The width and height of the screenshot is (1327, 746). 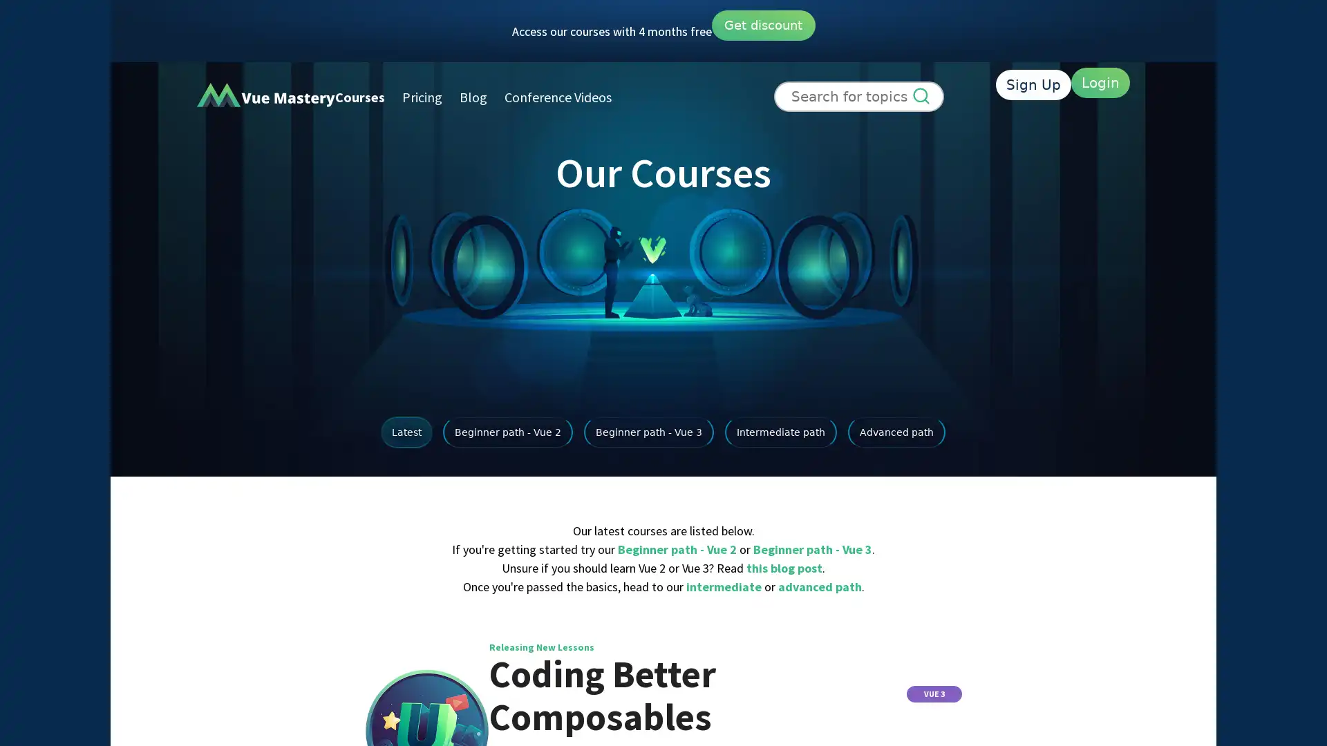 I want to click on Beginner path - Vue 3, so click(x=646, y=431).